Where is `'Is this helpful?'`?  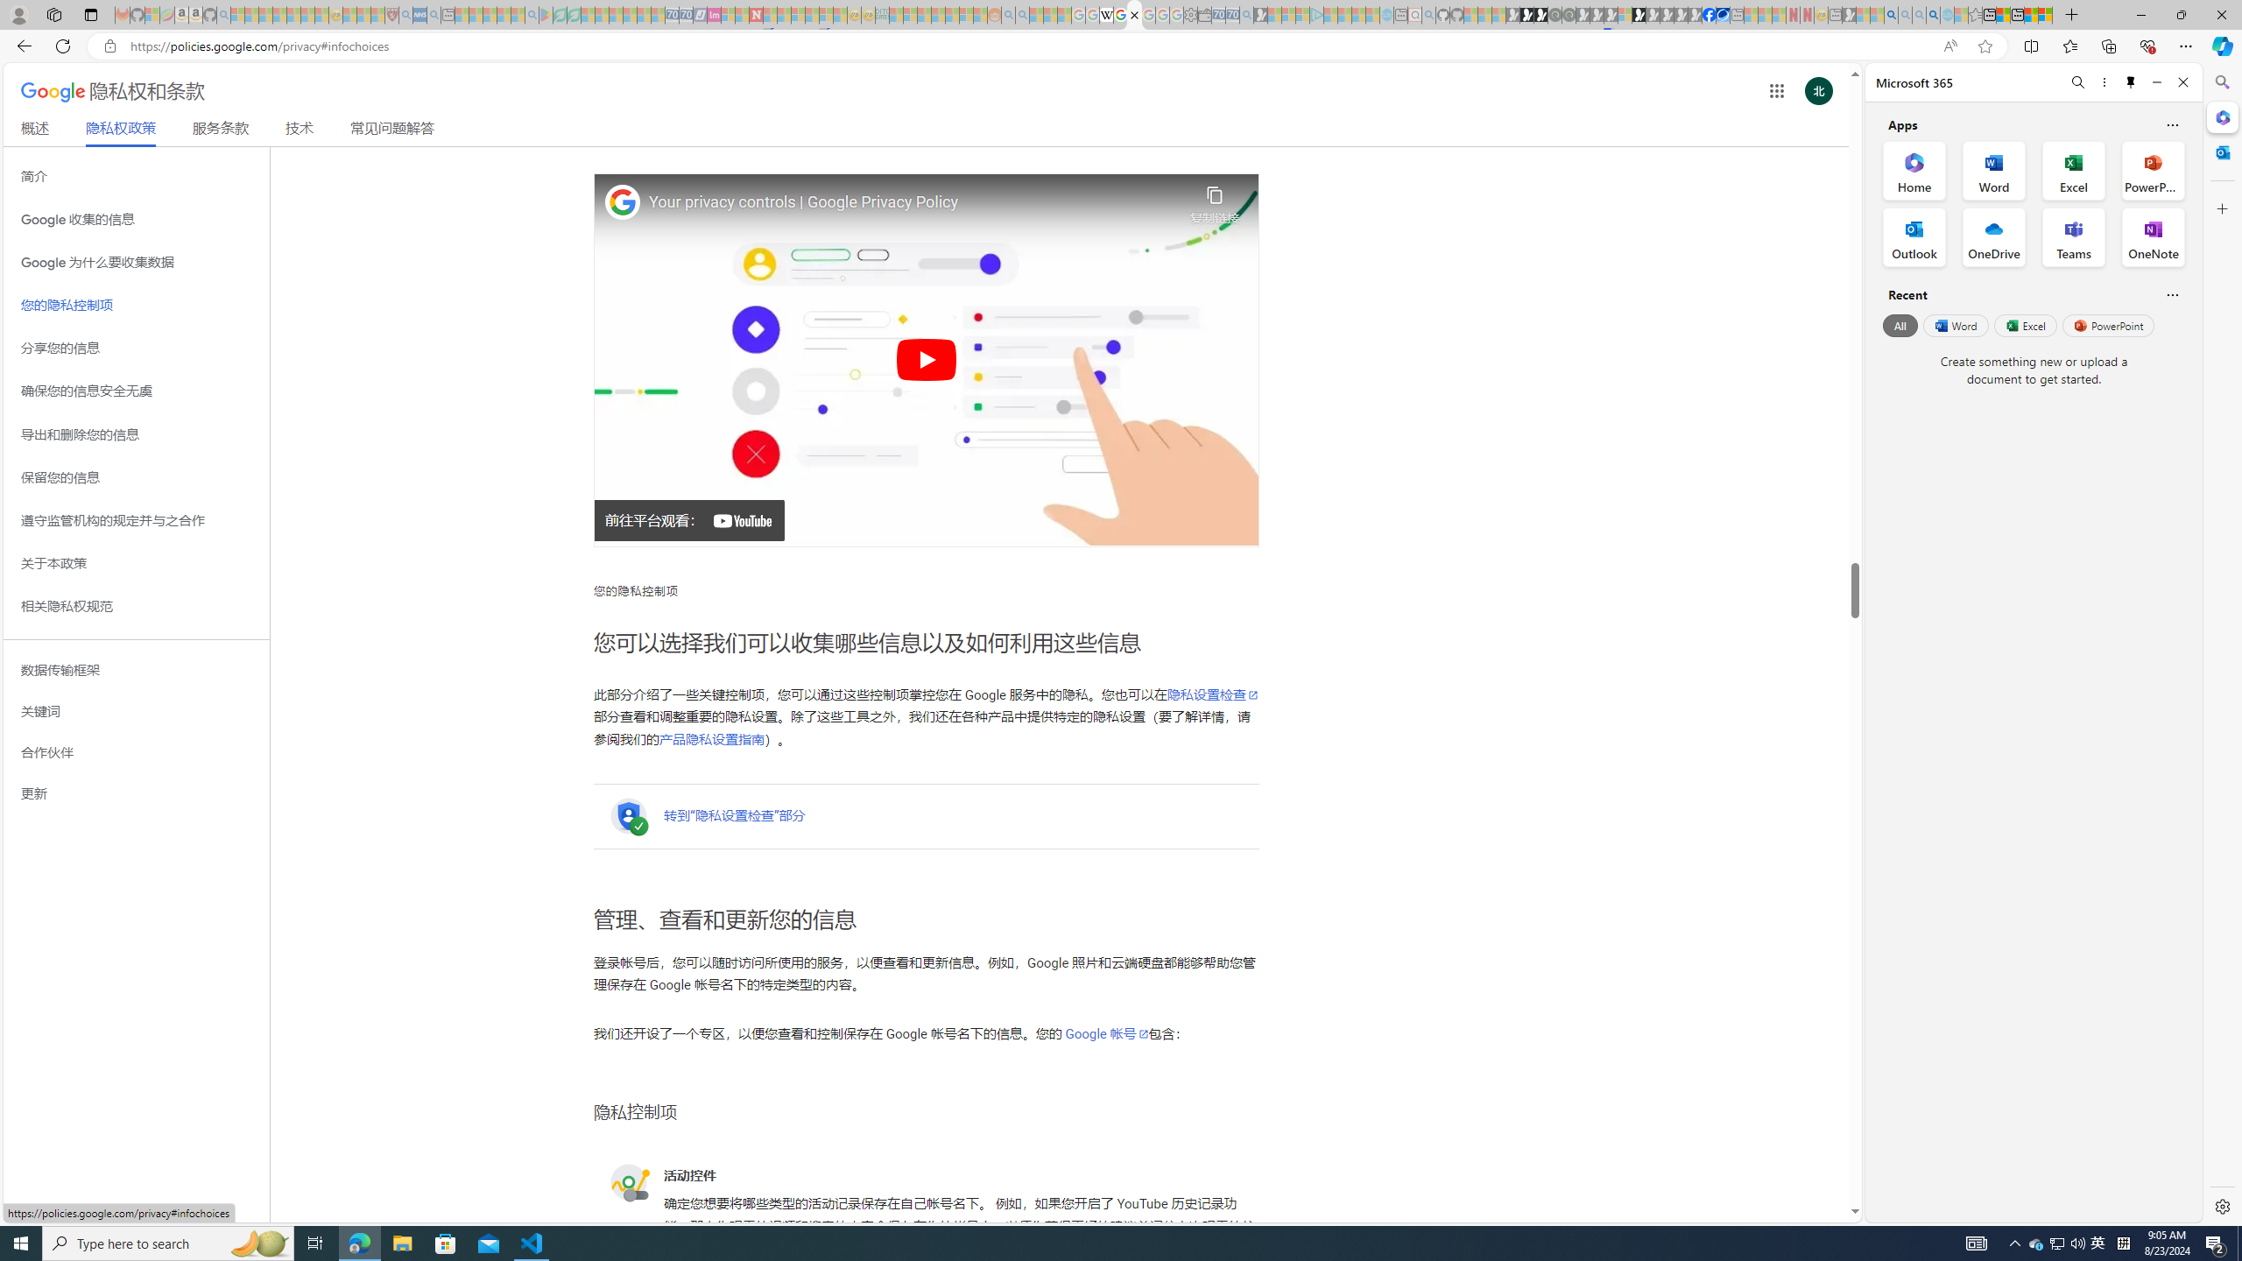 'Is this helpful?' is located at coordinates (2171, 294).